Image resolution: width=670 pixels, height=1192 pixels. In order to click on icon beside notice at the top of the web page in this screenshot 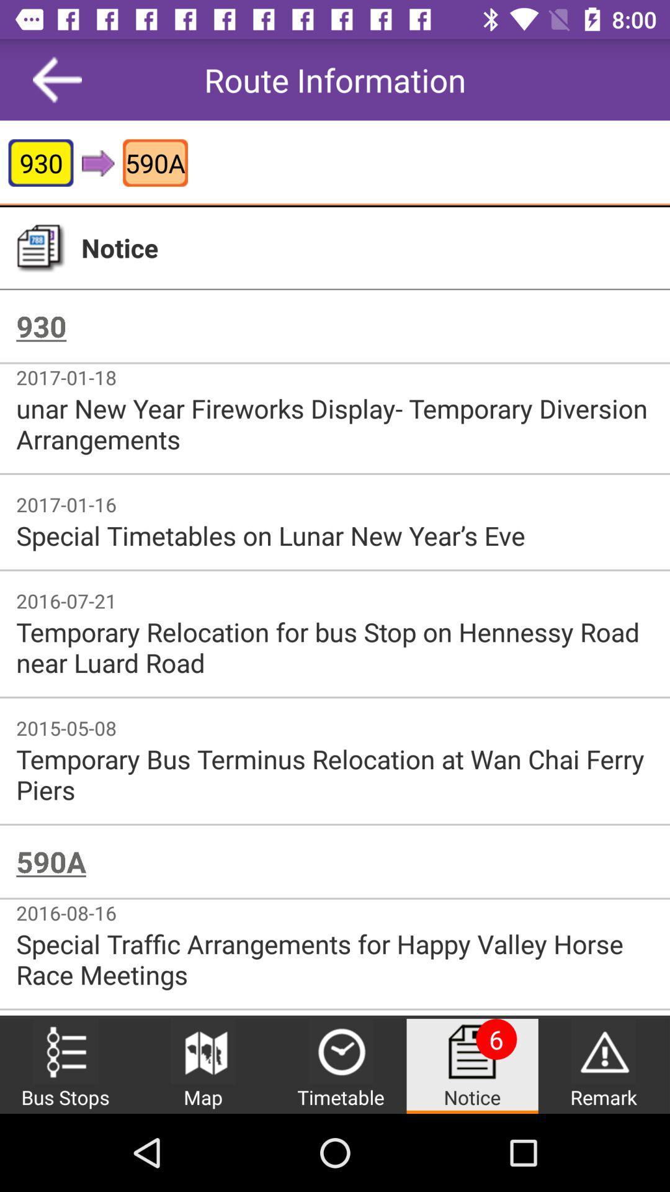, I will do `click(40, 248)`.